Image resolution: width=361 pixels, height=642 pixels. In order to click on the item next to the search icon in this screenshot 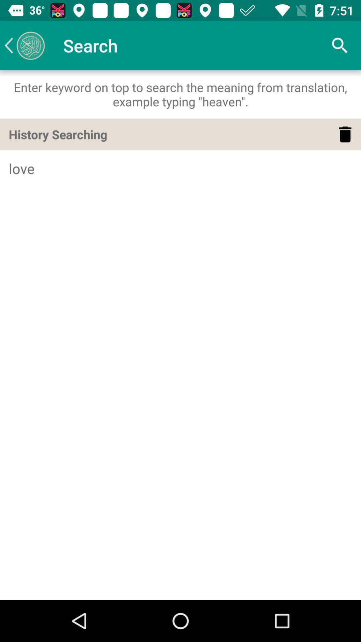, I will do `click(24, 45)`.